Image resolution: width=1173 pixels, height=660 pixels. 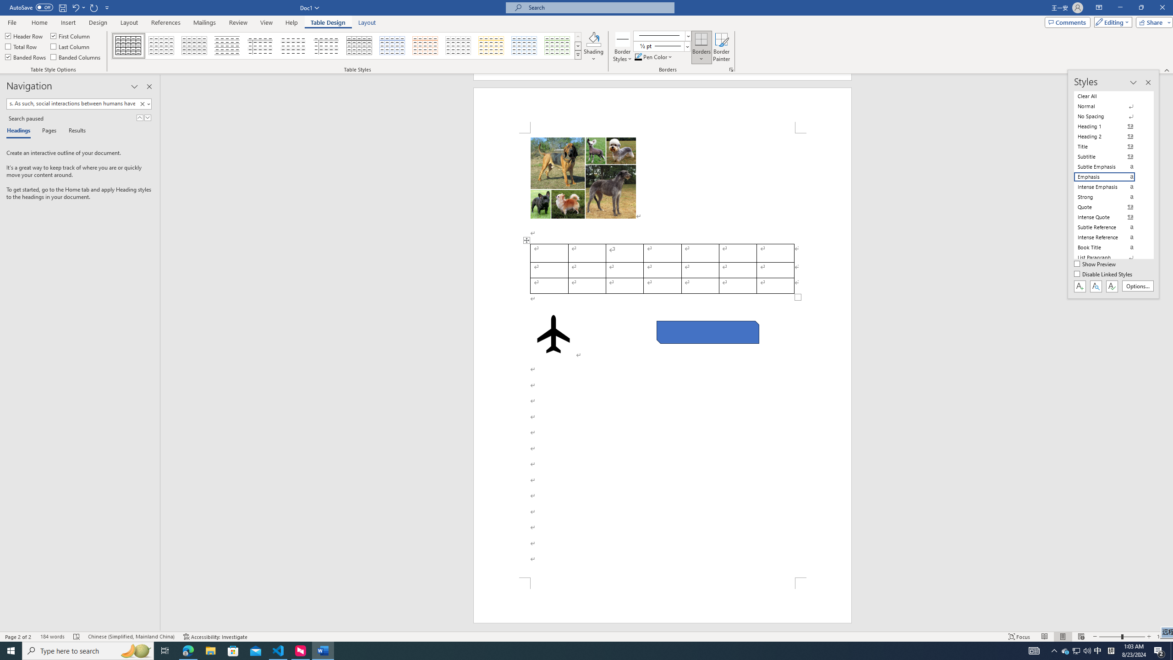 What do you see at coordinates (71, 35) in the screenshot?
I see `'First Column'` at bounding box center [71, 35].